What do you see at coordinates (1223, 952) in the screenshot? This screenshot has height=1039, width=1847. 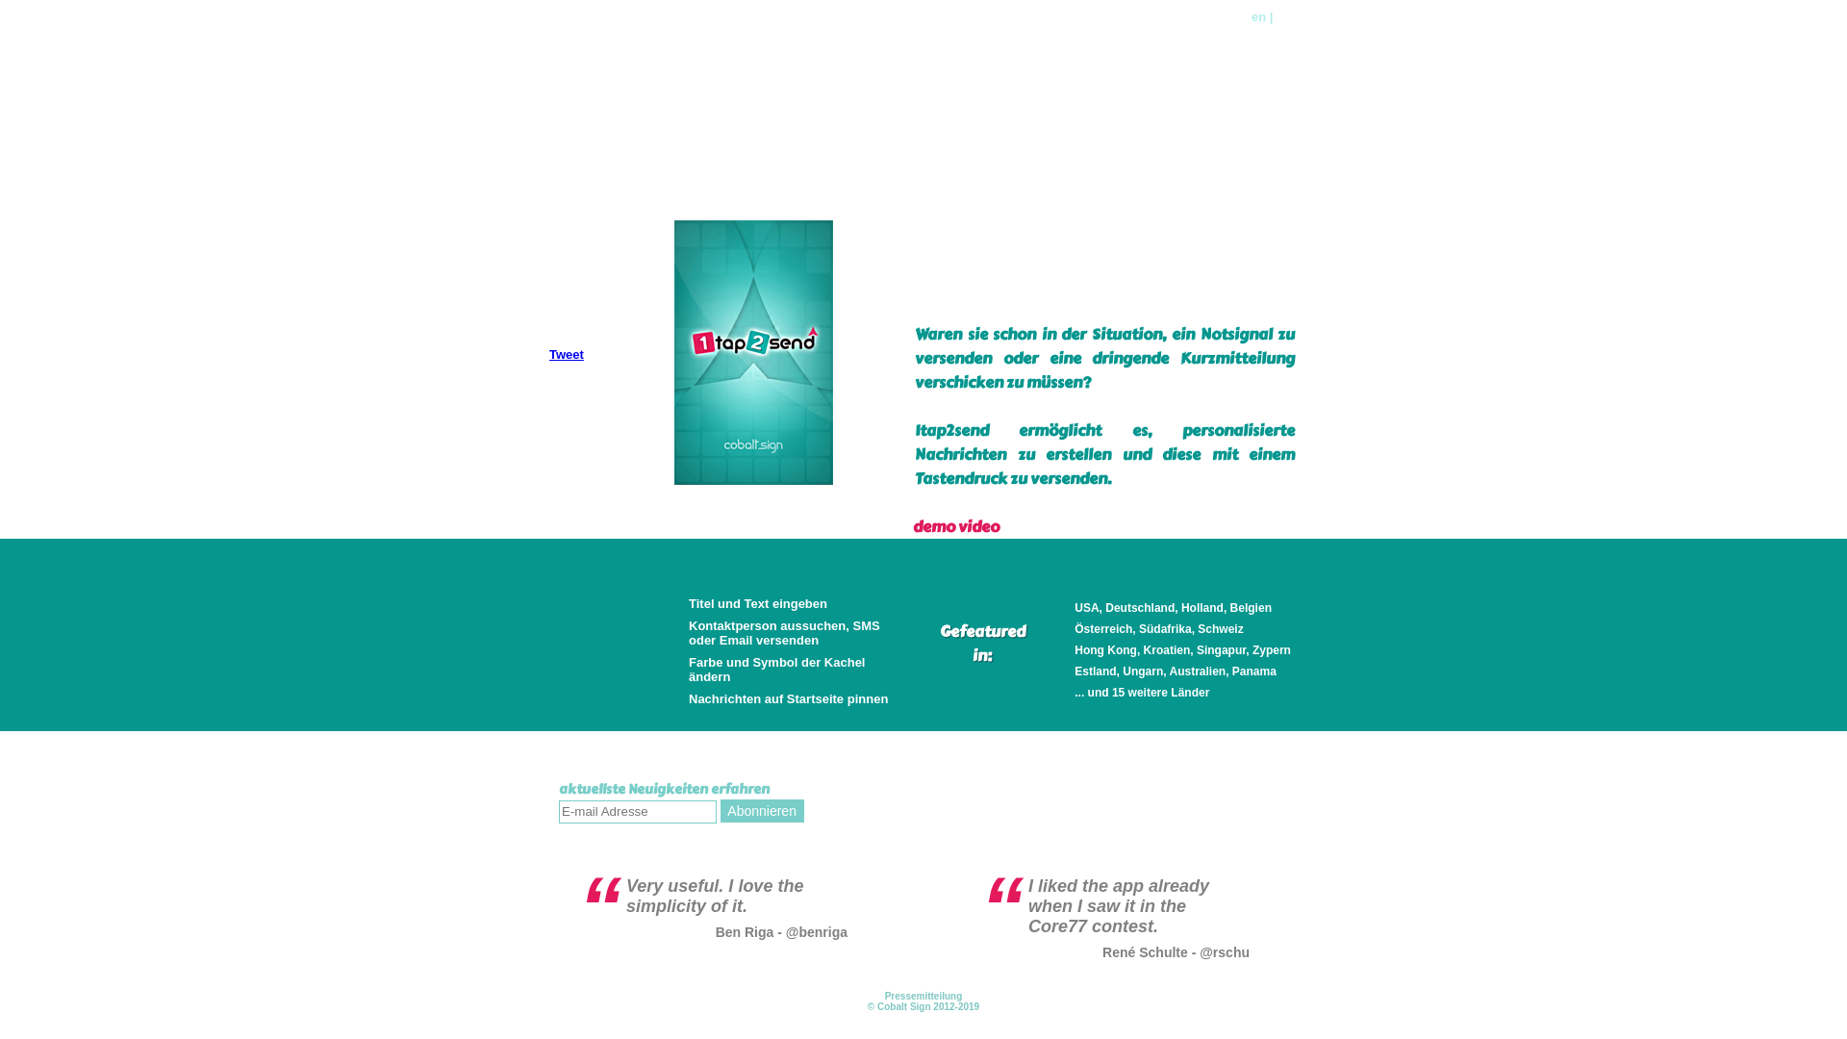 I see `'@rschu'` at bounding box center [1223, 952].